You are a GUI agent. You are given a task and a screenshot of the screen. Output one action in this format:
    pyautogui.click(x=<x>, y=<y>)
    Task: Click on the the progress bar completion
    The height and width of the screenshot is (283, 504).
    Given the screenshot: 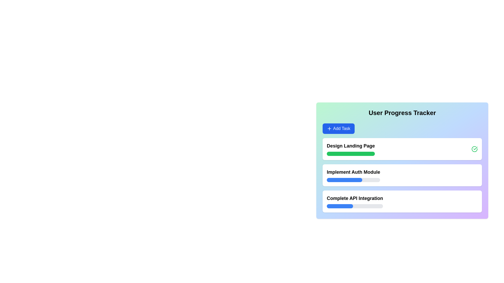 What is the action you would take?
    pyautogui.click(x=328, y=206)
    